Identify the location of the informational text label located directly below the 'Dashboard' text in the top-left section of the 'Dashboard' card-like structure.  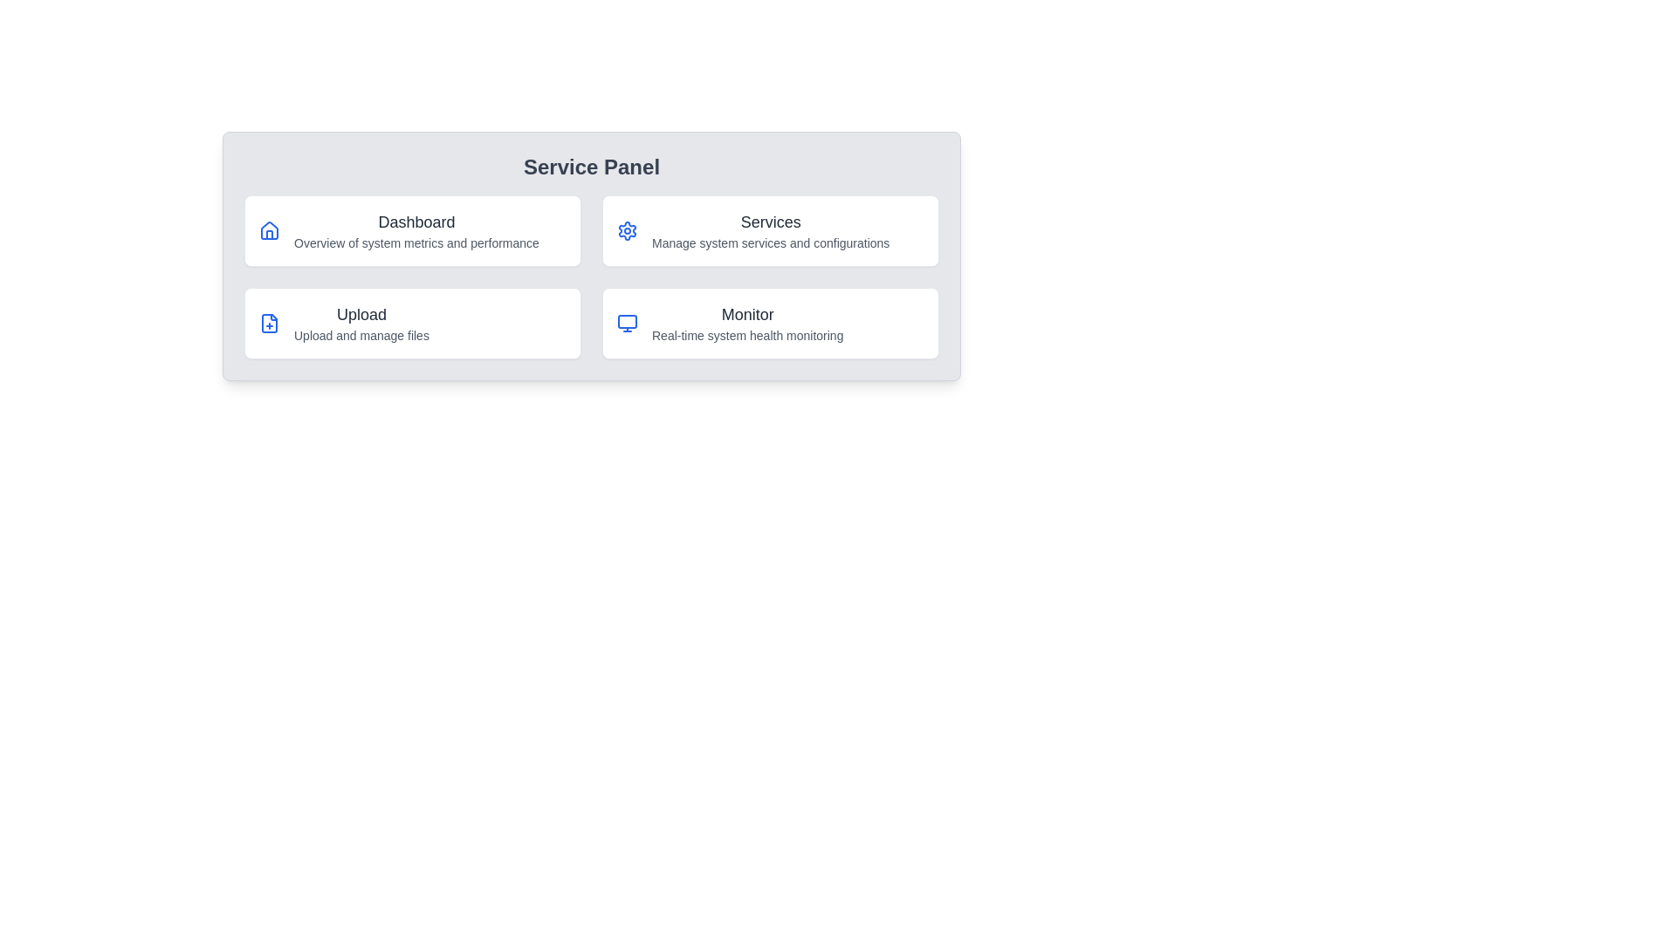
(416, 242).